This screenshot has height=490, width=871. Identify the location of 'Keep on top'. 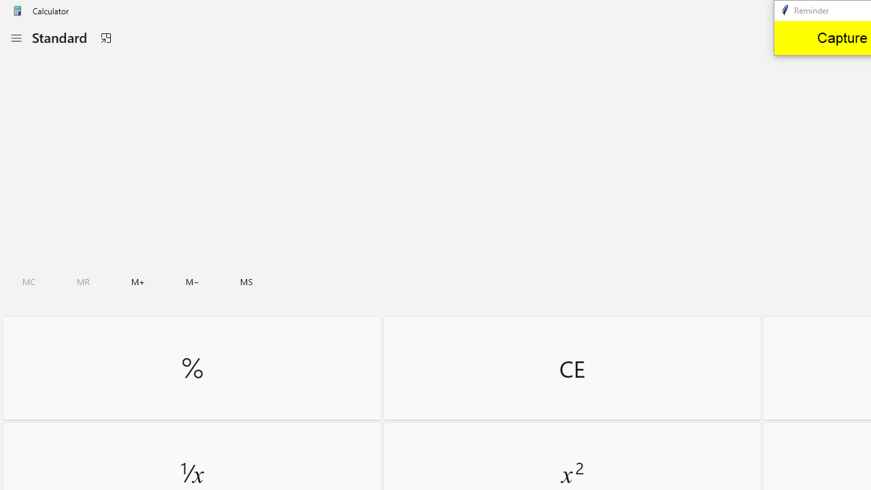
(105, 37).